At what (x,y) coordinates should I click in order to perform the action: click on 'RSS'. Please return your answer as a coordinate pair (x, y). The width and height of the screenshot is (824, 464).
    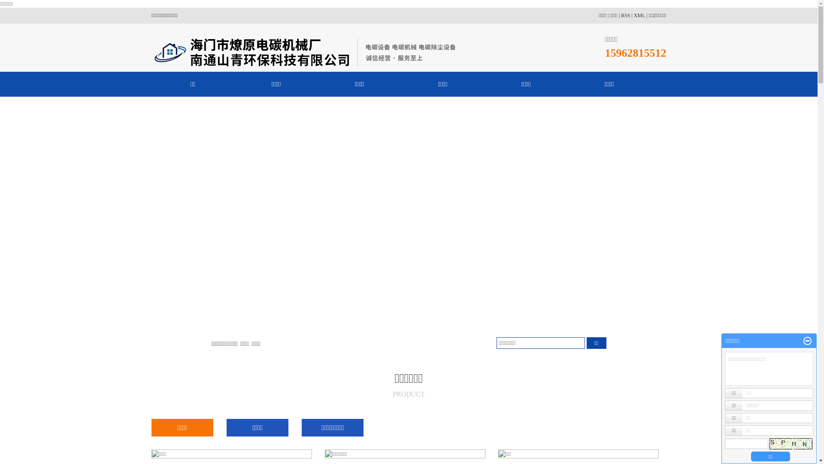
    Looking at the image, I should click on (625, 15).